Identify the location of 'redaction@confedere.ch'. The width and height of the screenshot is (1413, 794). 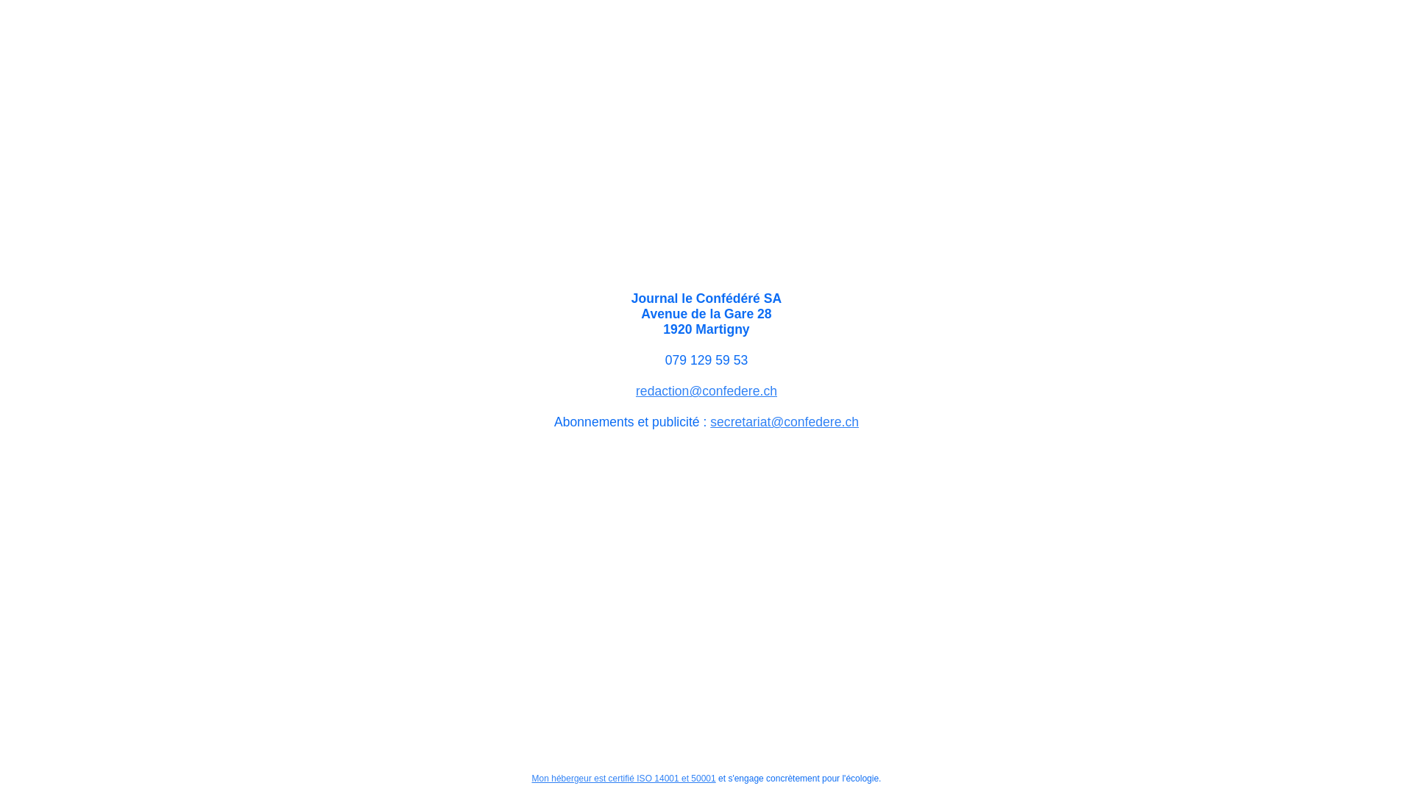
(706, 390).